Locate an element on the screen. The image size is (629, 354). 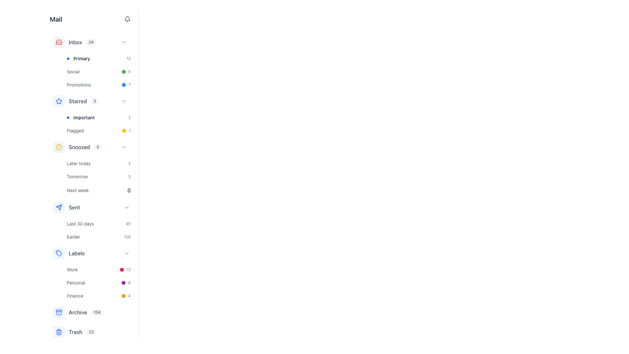
the 'Inbox' menu item located at the top of the left-side menu, which features a red inbox icon, the text 'Inbox', a badge with the number '24', and a right-pointing gray chevron is located at coordinates (91, 42).